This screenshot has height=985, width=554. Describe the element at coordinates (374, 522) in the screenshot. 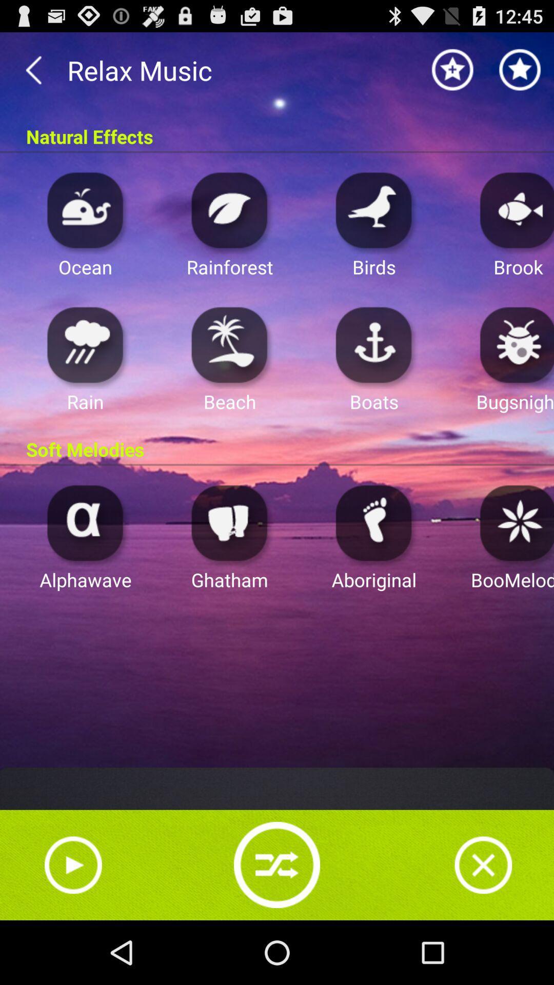

I see `aboriginal music` at that location.